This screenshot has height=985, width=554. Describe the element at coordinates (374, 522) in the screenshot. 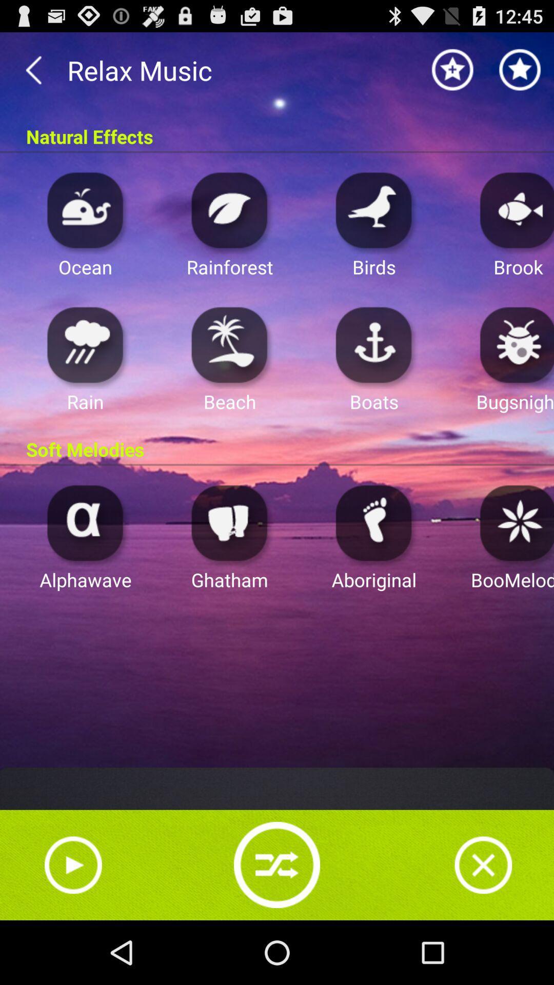

I see `aboriginal music` at that location.